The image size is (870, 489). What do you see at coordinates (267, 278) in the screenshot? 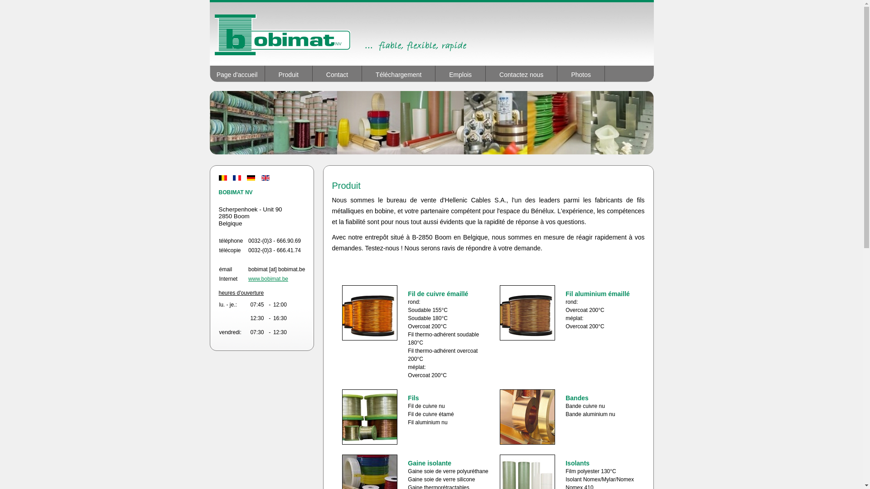
I see `'www.bobimat.be'` at bounding box center [267, 278].